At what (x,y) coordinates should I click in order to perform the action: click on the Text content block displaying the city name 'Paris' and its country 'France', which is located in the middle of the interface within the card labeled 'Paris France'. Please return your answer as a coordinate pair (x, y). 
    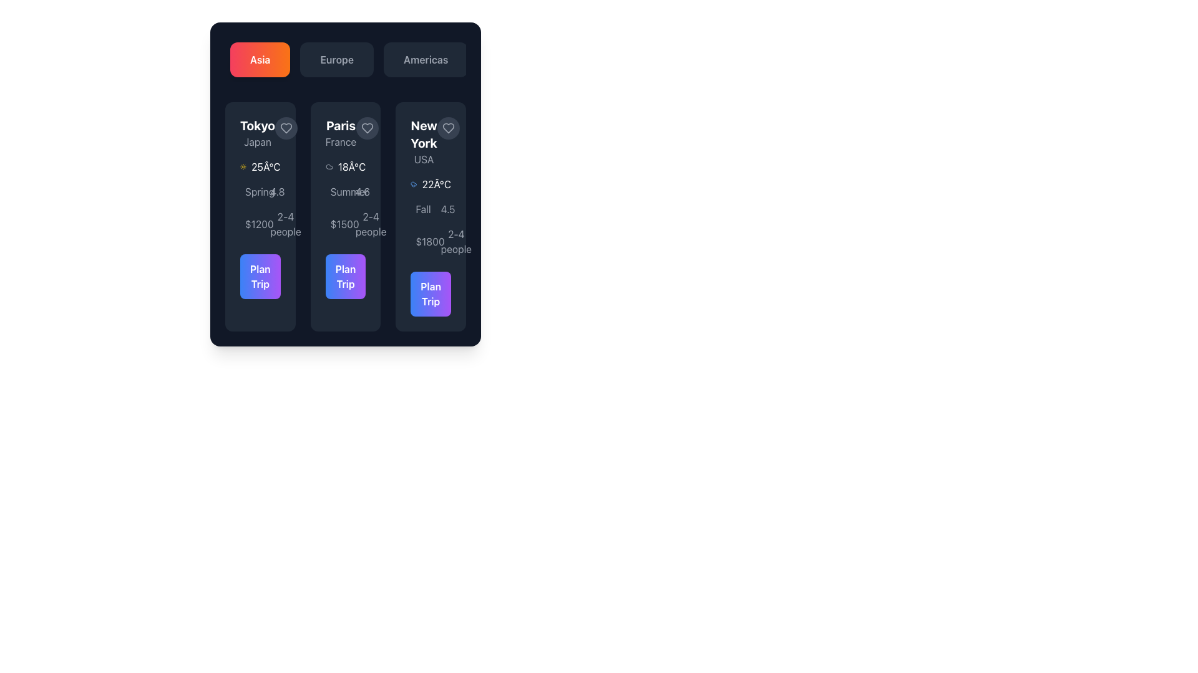
    Looking at the image, I should click on (345, 133).